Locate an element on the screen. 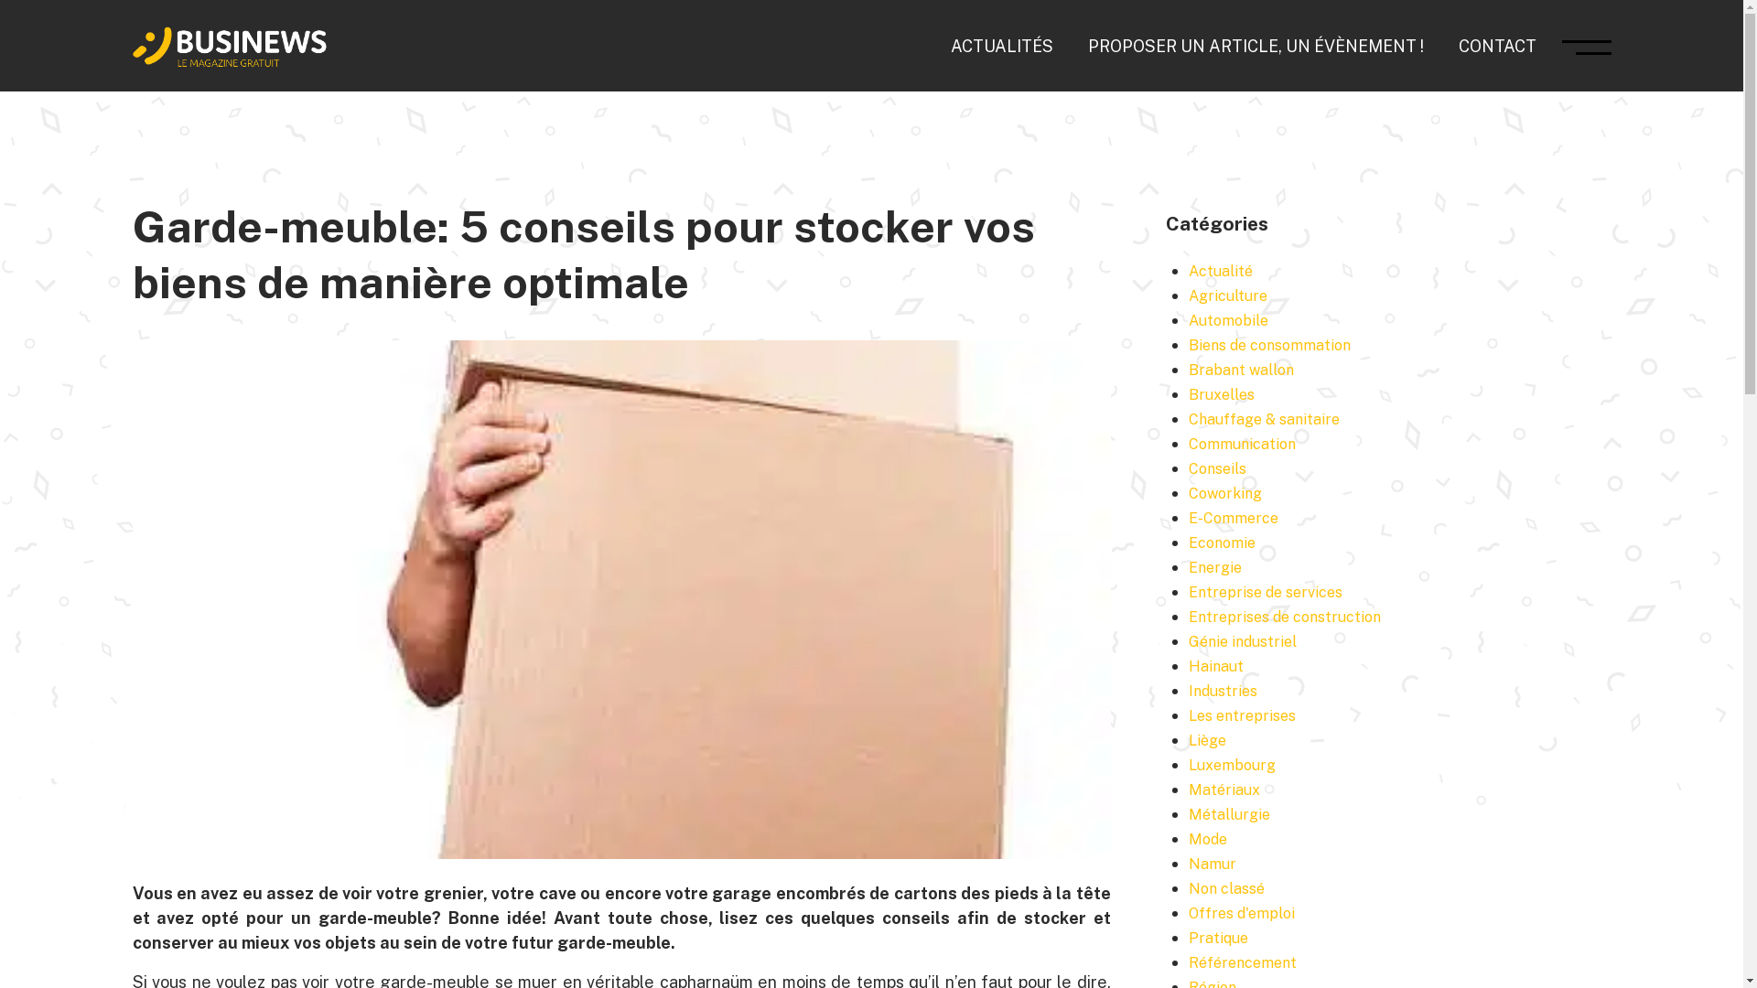 This screenshot has width=1757, height=988. 'Economie' is located at coordinates (1222, 542).